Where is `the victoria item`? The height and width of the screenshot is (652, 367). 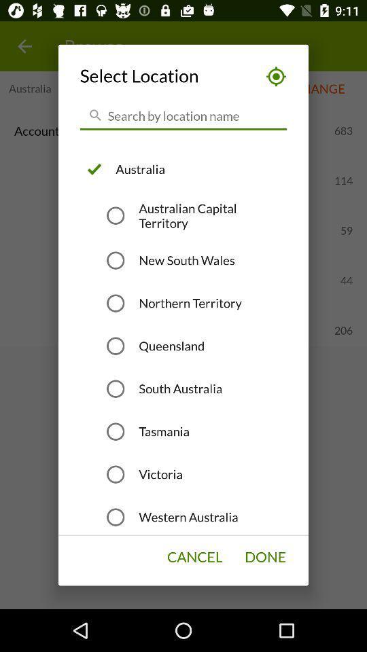 the victoria item is located at coordinates (160, 474).